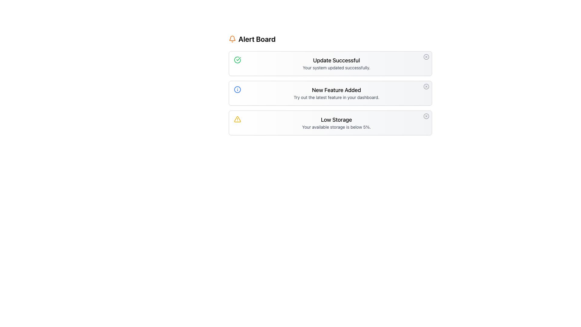 The image size is (581, 327). Describe the element at coordinates (336, 127) in the screenshot. I see `message informing the user about limited storage availability, located below the 'Low Storage' heading in the third alert box of the 'Alert Board'` at that location.